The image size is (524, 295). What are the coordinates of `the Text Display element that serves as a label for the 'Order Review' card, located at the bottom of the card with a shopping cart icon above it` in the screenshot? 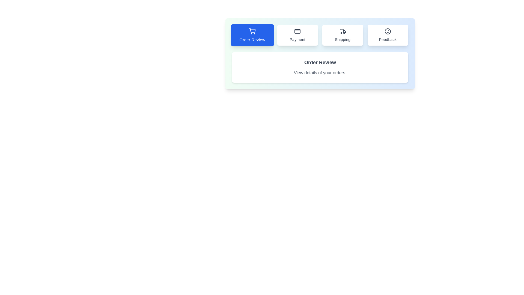 It's located at (252, 39).